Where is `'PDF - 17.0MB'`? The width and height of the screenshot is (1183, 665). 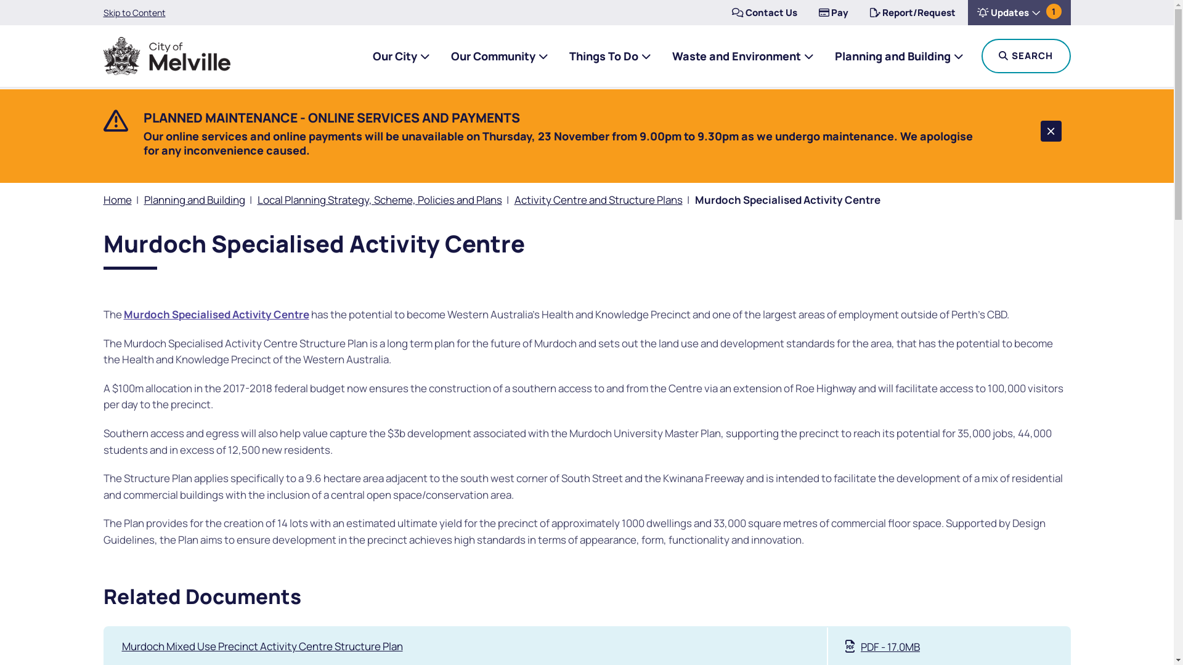 'PDF - 17.0MB' is located at coordinates (882, 646).